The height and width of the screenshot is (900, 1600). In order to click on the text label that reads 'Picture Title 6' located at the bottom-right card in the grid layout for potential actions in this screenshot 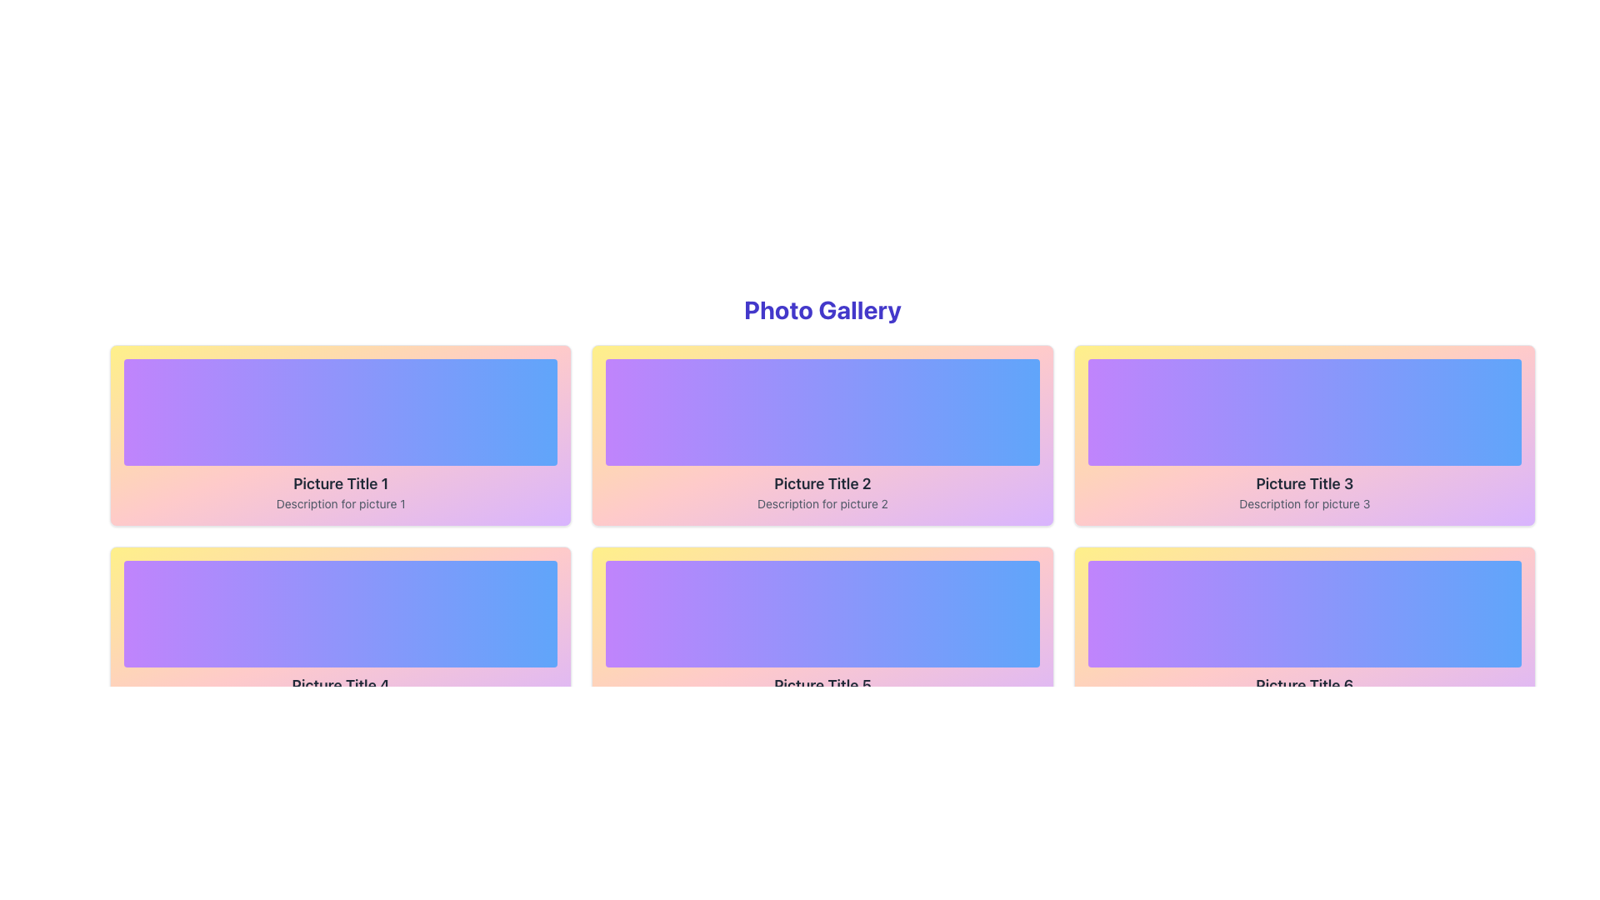, I will do `click(1303, 685)`.